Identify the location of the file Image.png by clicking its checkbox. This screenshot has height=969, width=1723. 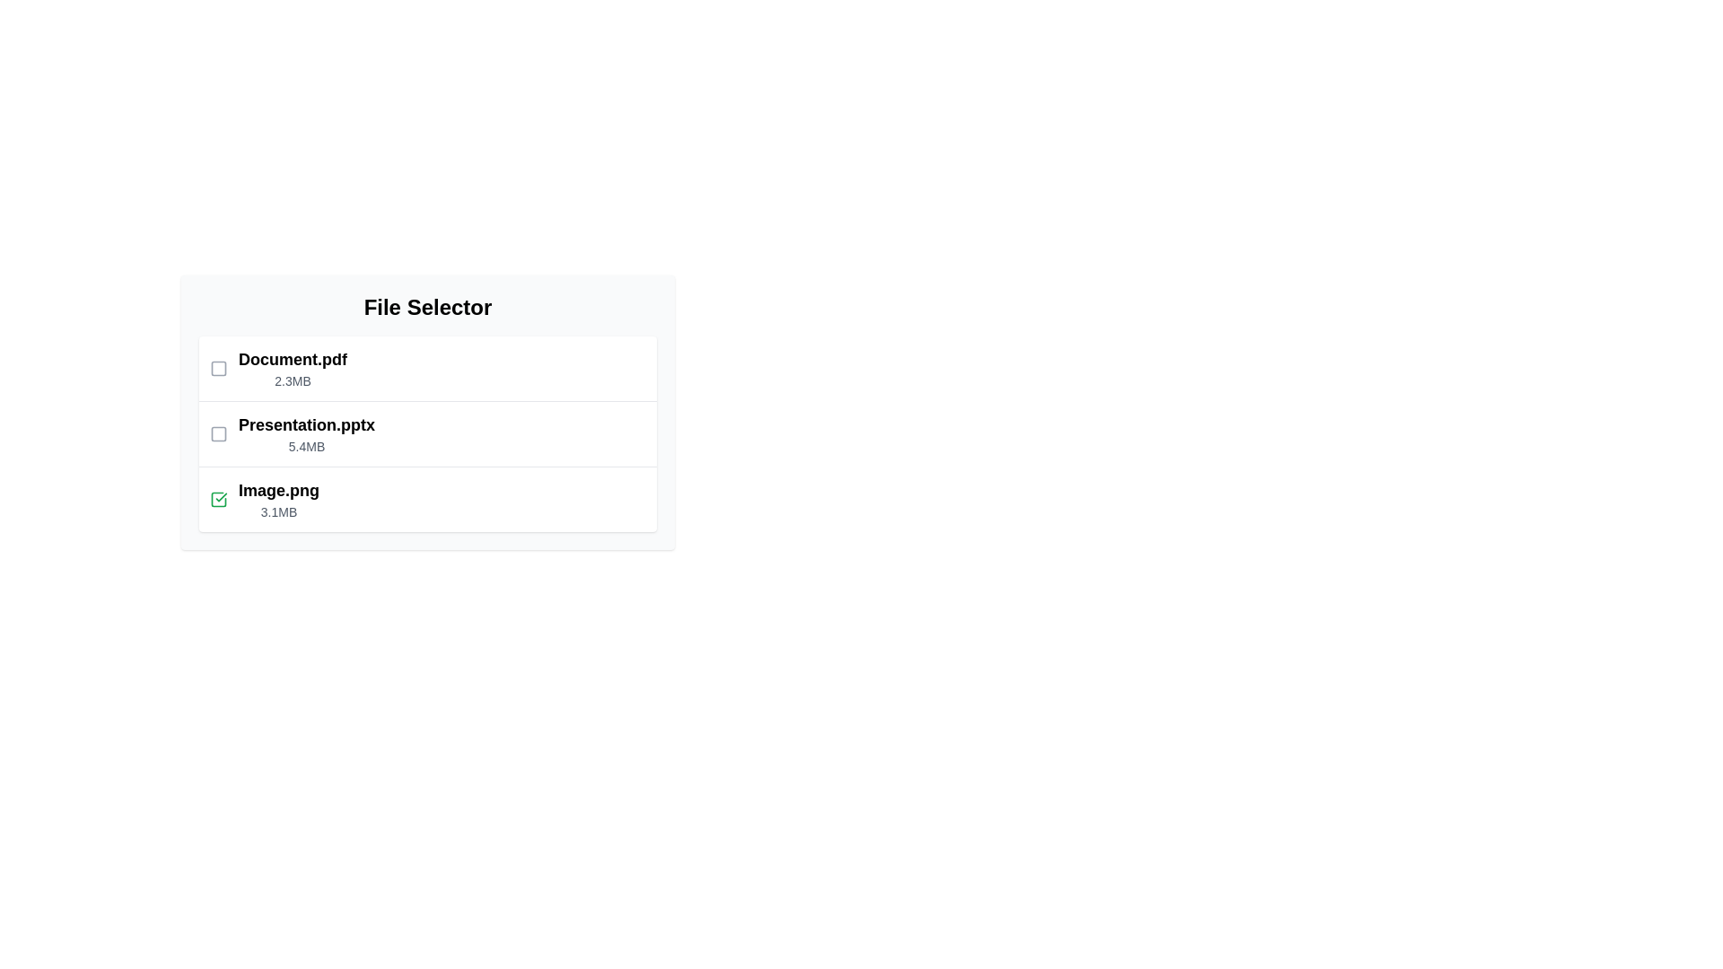
(218, 499).